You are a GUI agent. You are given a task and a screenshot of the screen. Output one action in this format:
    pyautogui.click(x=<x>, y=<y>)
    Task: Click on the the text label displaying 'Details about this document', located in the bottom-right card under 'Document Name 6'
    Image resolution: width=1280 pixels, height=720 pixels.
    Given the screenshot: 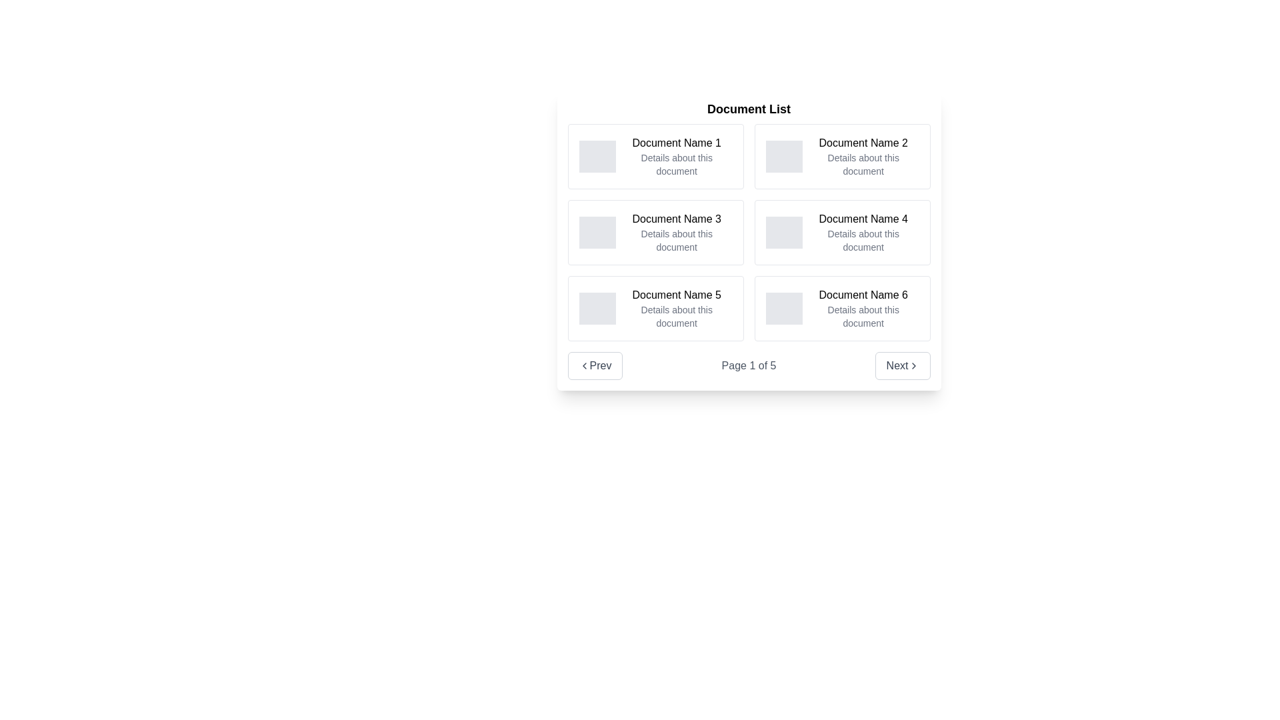 What is the action you would take?
    pyautogui.click(x=863, y=316)
    